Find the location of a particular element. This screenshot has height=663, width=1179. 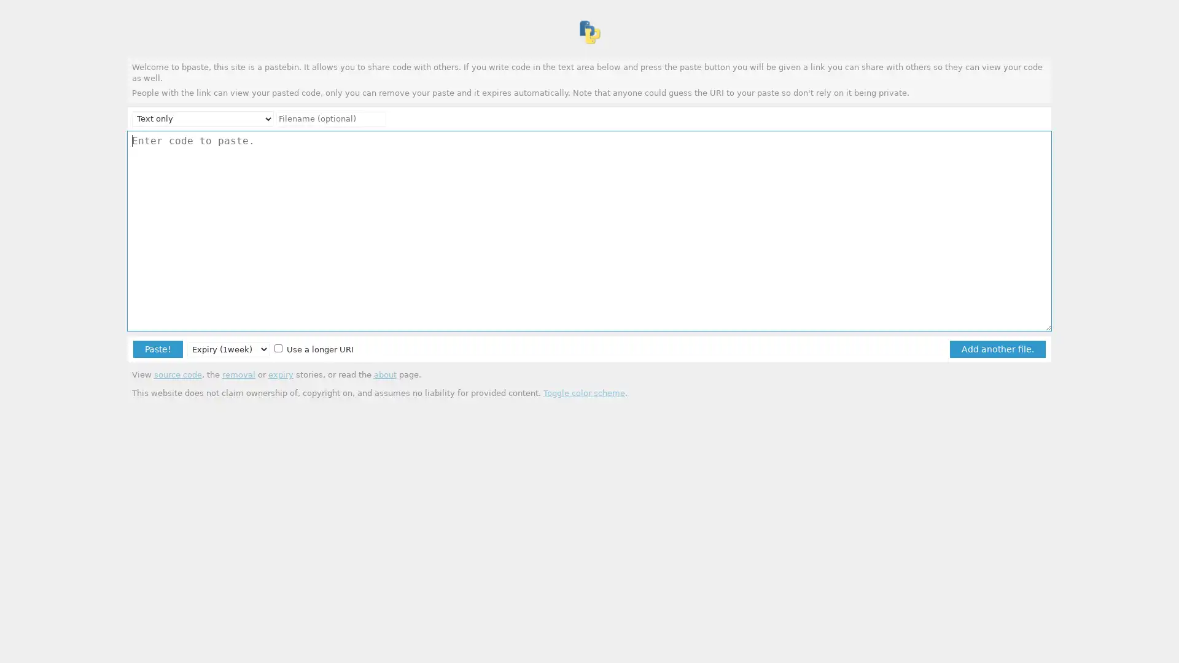

Toggle color scheme is located at coordinates (583, 392).